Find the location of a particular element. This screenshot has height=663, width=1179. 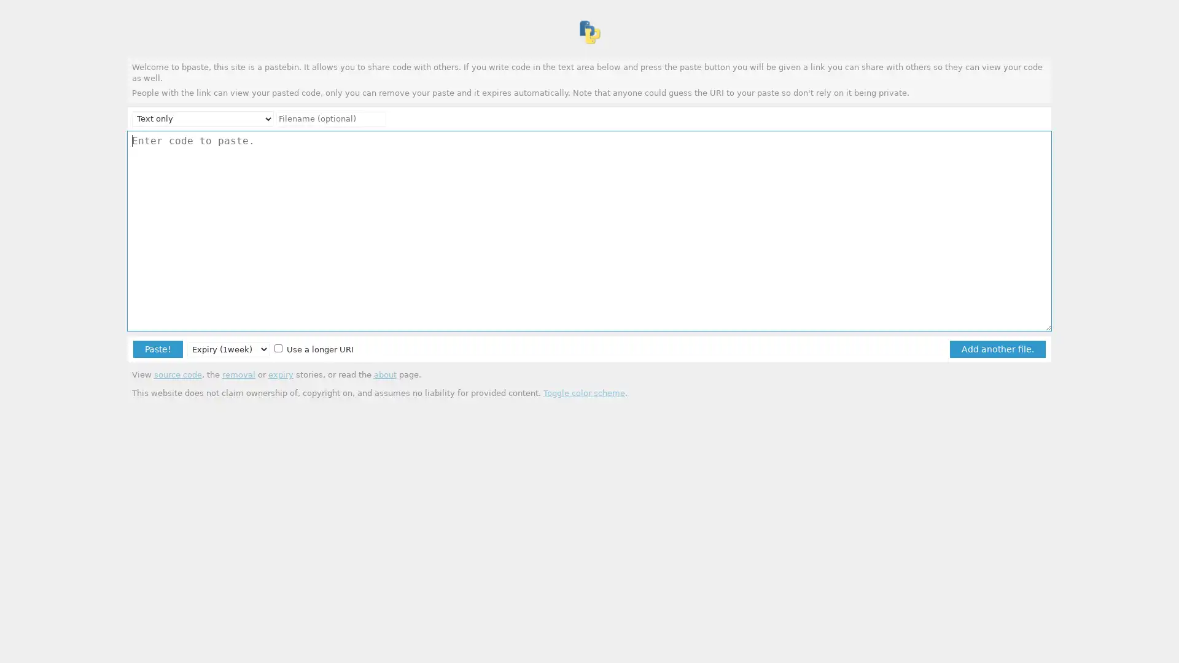

Toggle color scheme is located at coordinates (583, 392).